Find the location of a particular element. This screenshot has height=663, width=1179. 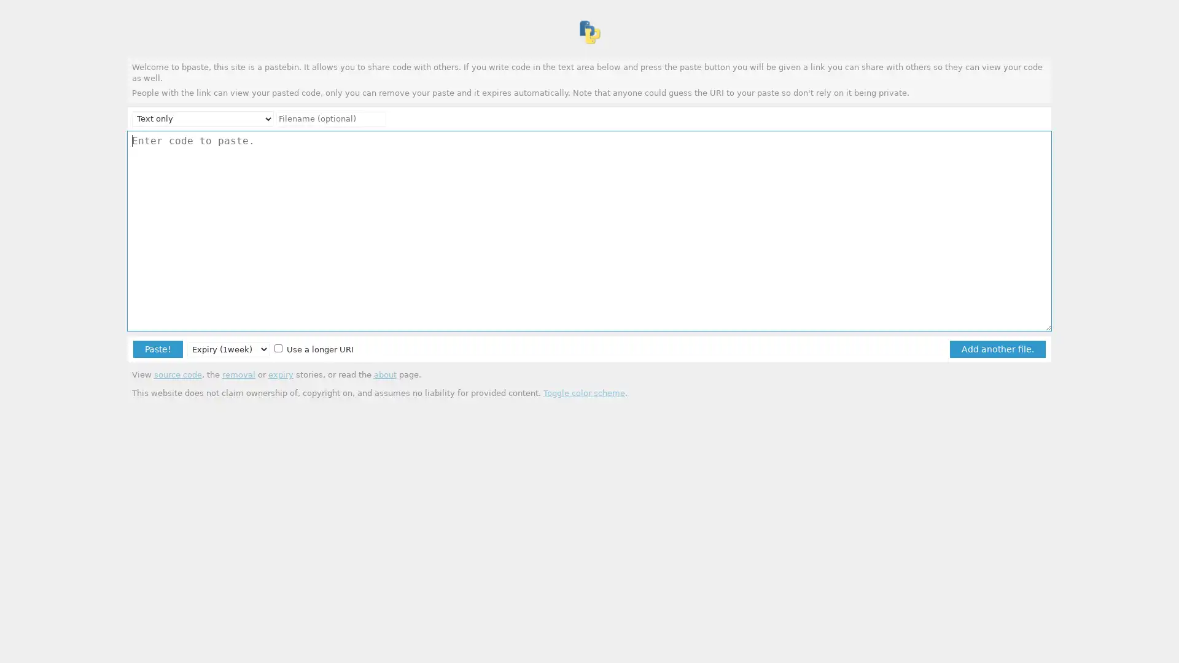

Toggle color scheme is located at coordinates (583, 392).